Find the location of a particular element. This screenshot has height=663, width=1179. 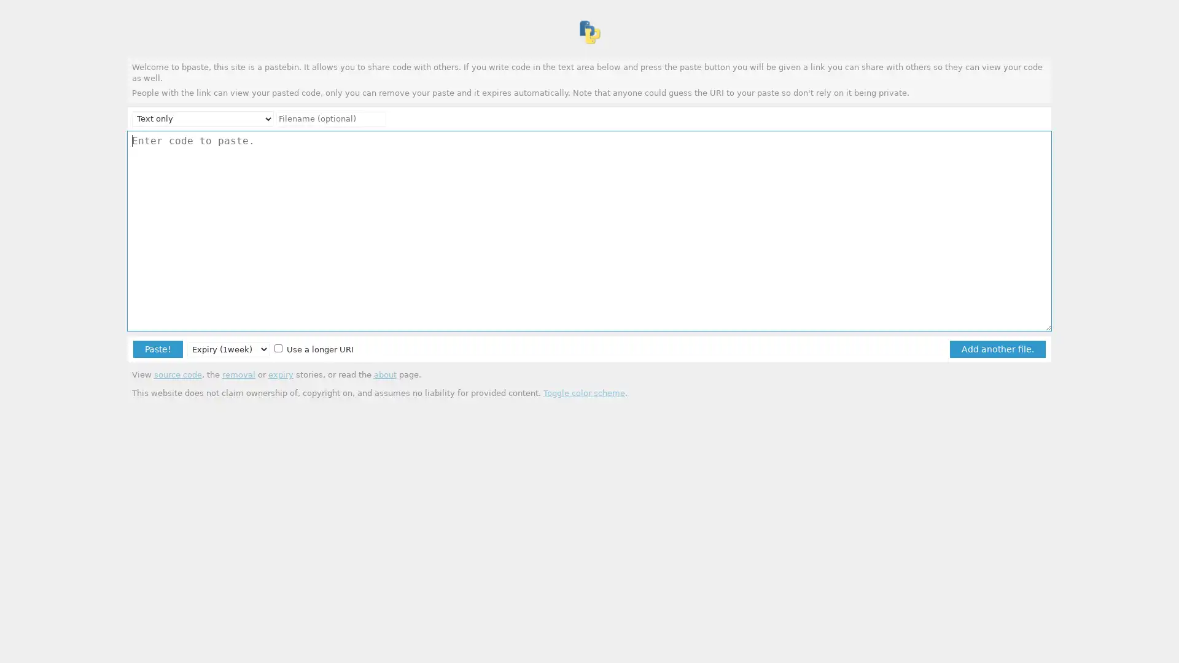

Toggle color scheme is located at coordinates (583, 392).